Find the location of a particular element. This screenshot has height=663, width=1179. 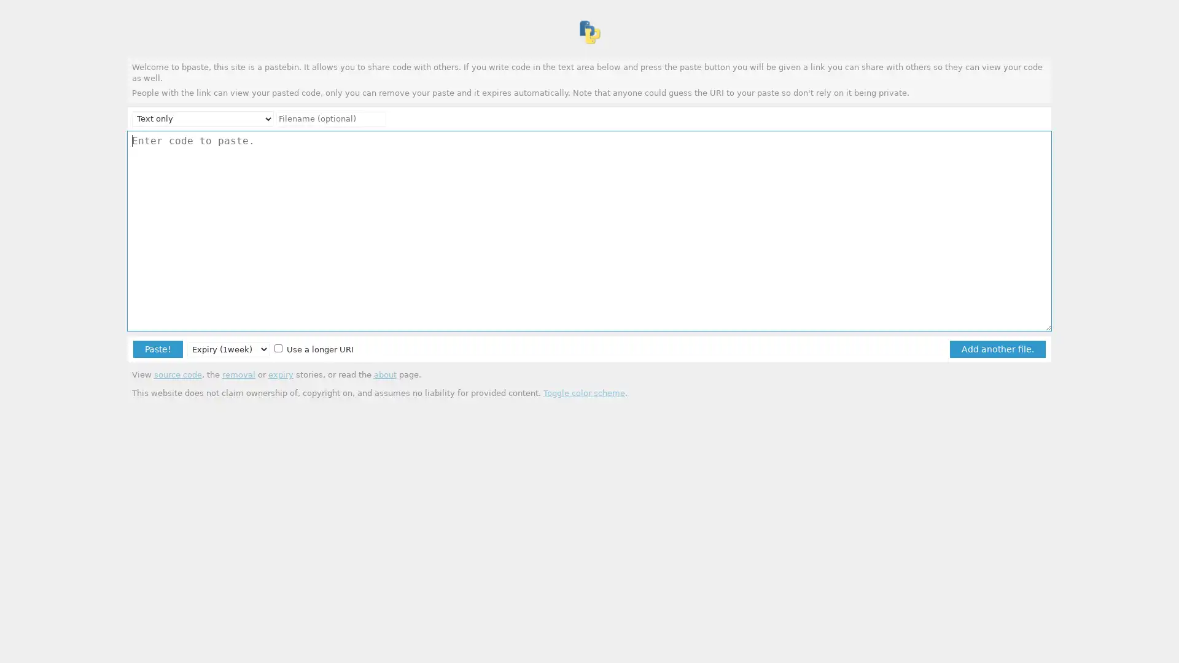

Toggle color scheme is located at coordinates (583, 392).